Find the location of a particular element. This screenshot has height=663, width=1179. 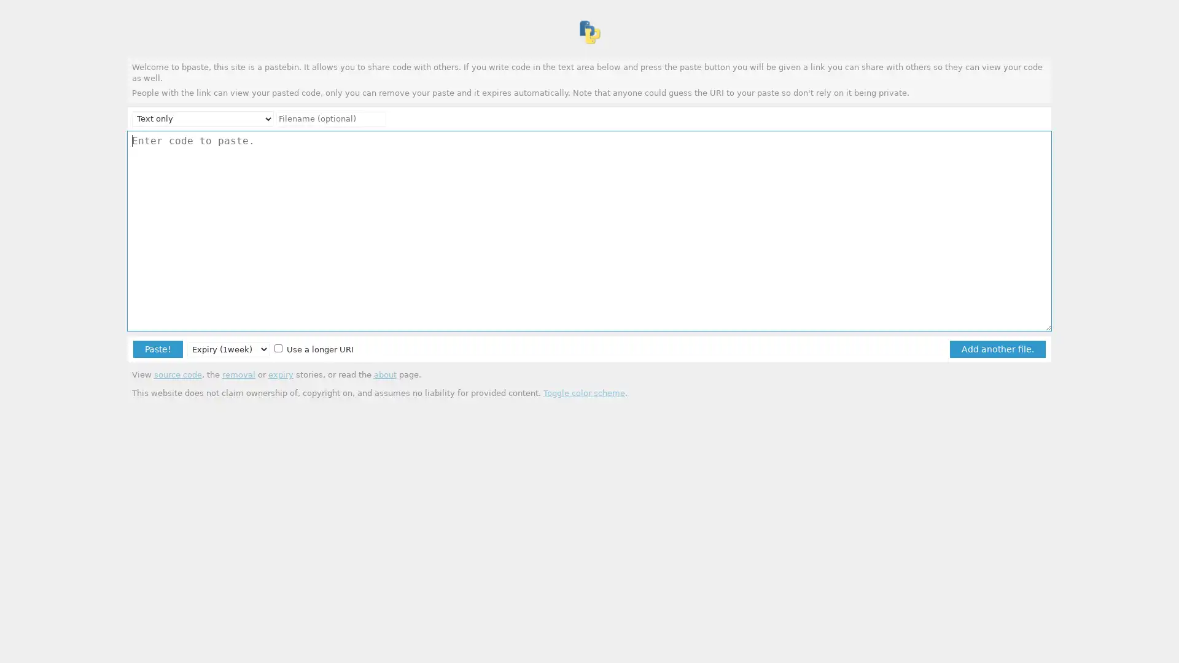

Toggle color scheme is located at coordinates (583, 392).